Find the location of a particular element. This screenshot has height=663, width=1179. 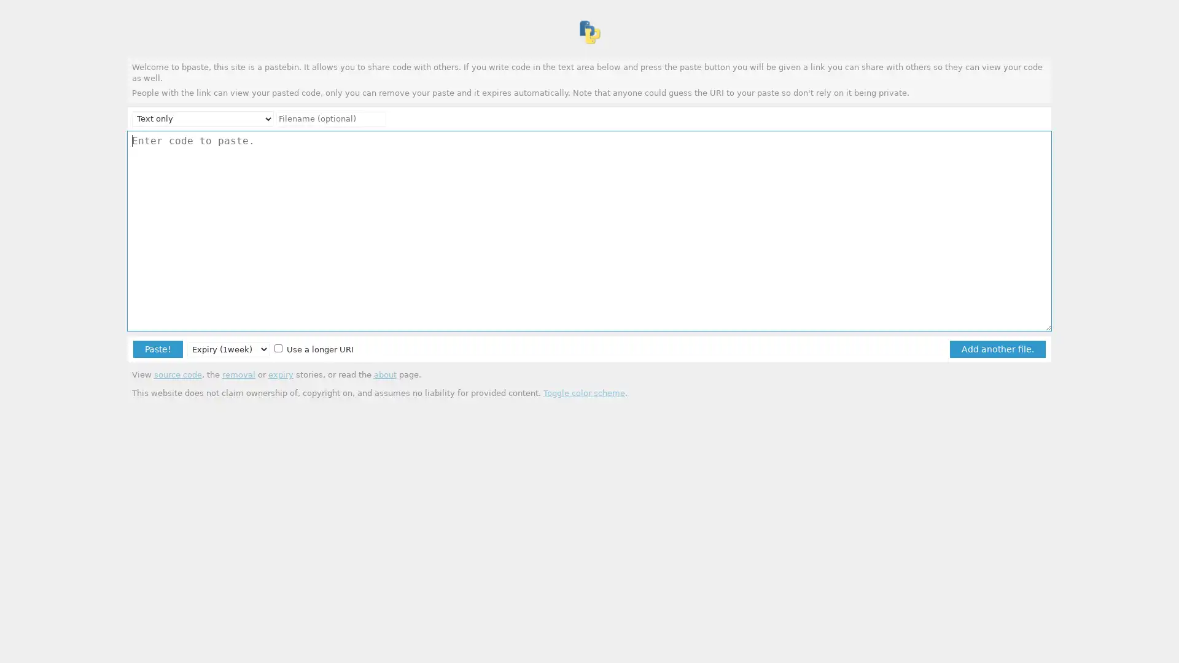

Toggle color scheme is located at coordinates (583, 392).